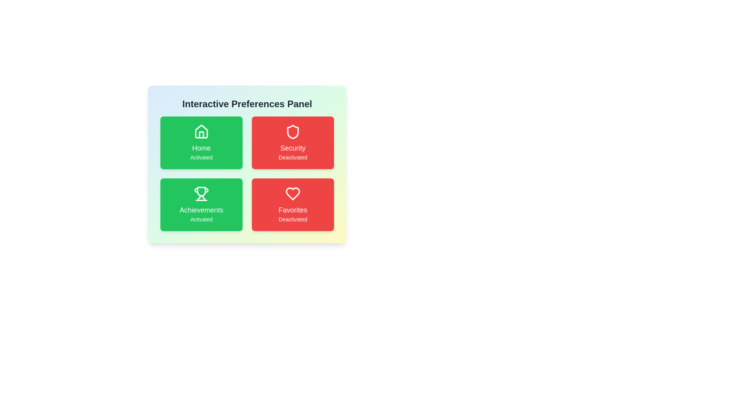  I want to click on the text of the option Home to inspect or copy it, so click(201, 143).